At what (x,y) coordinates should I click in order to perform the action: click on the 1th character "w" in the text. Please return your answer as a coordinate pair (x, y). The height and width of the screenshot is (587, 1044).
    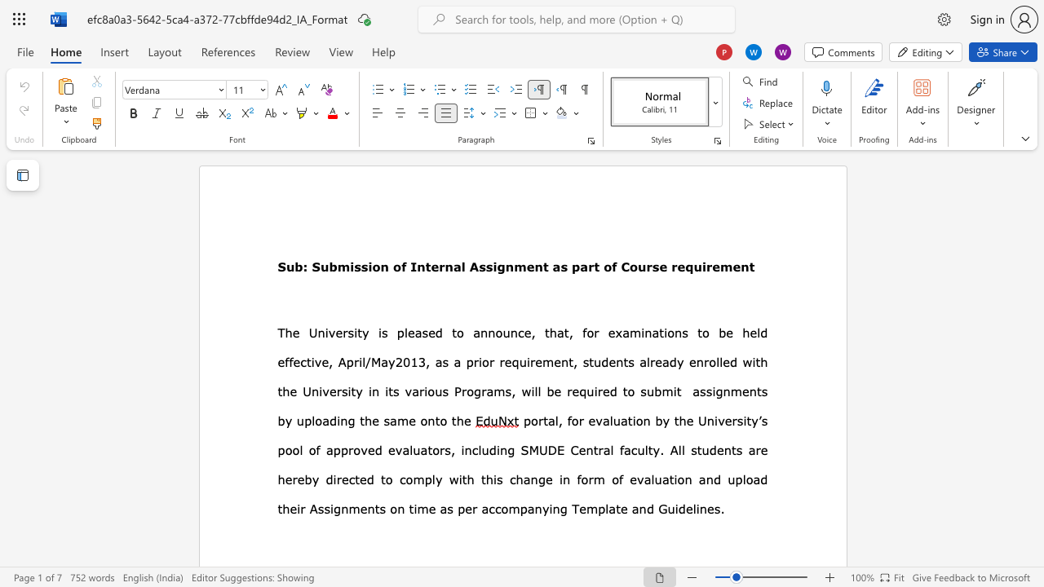
    Looking at the image, I should click on (453, 479).